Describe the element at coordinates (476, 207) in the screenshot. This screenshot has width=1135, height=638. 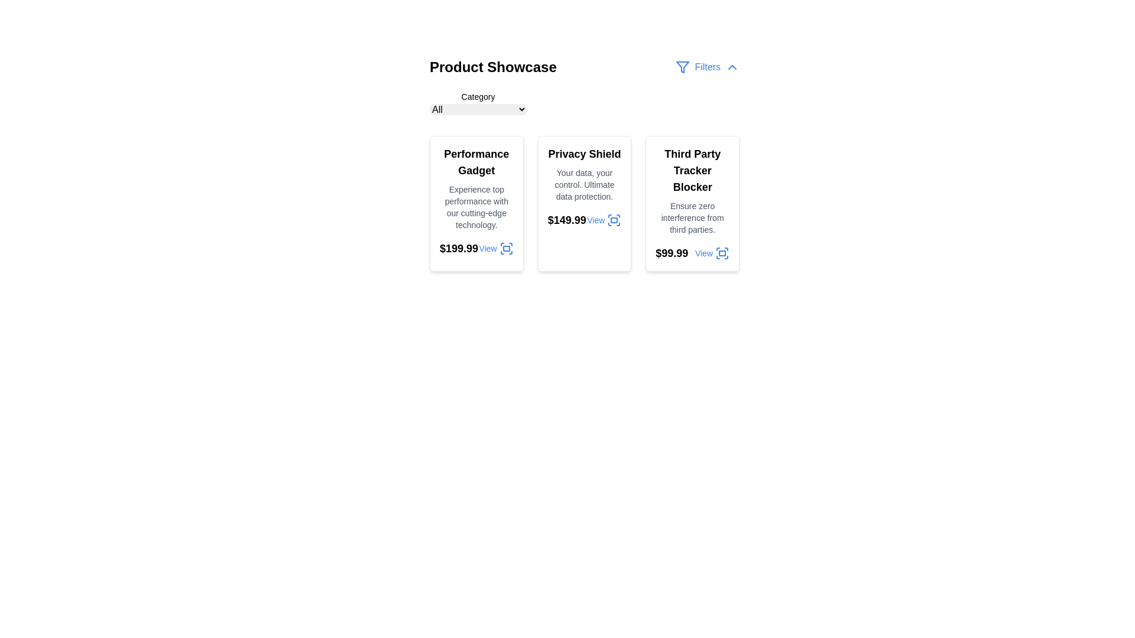
I see `the Text Block element that contains the text 'Experience top performance with our cutting-edge technology.' located beneath the title 'Performance Gadget'` at that location.